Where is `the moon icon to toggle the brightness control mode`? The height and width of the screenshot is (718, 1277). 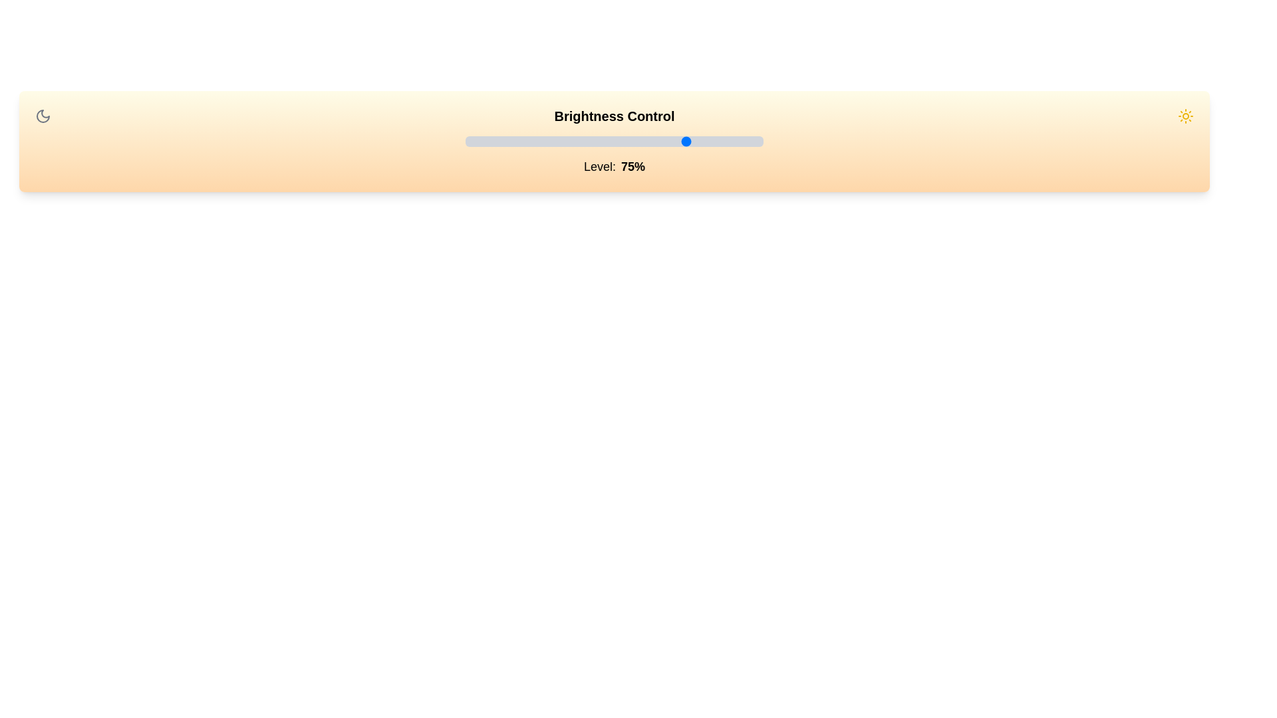 the moon icon to toggle the brightness control mode is located at coordinates (43, 115).